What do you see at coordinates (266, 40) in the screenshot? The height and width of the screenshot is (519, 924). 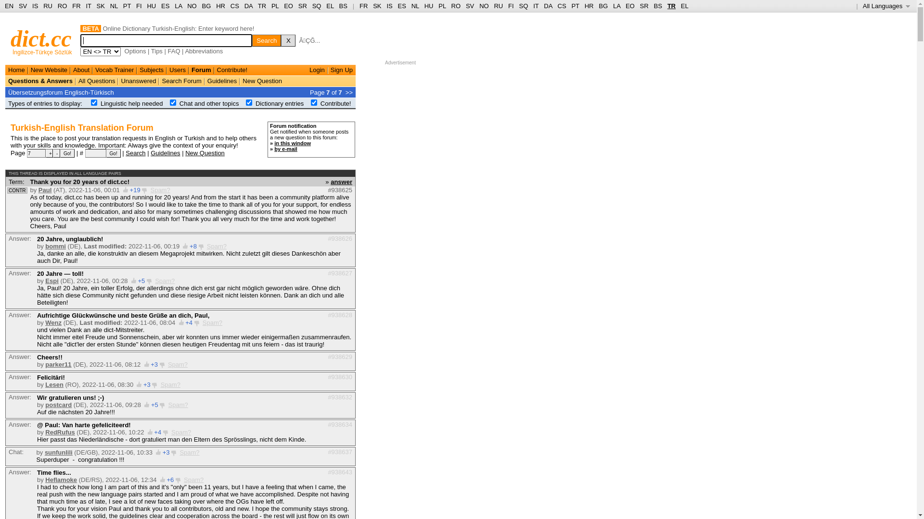 I see `'Search'` at bounding box center [266, 40].